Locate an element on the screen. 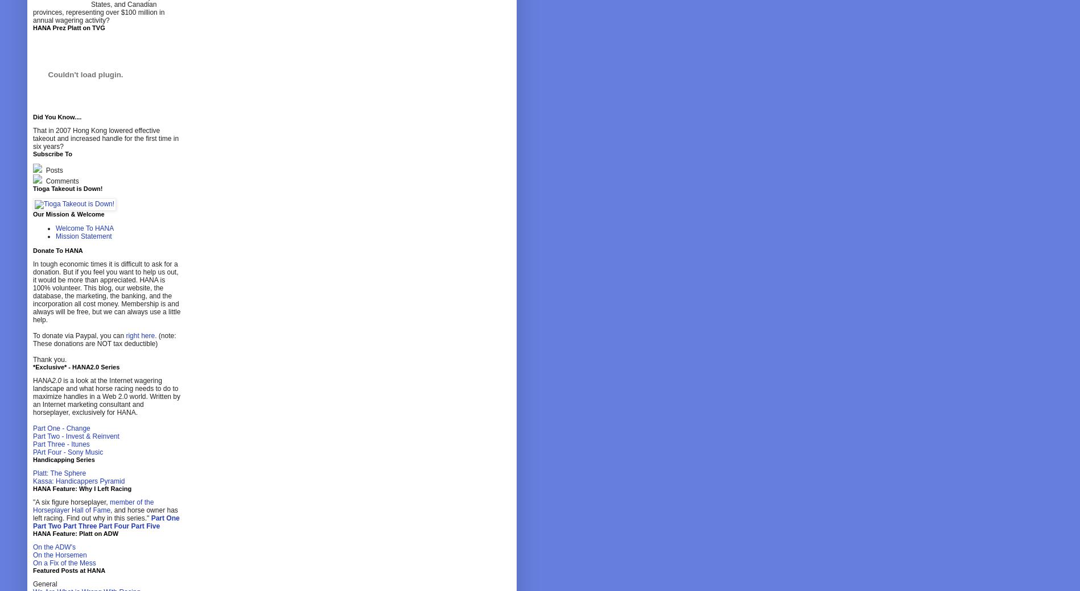 The image size is (1080, 591). 'HANA Prez Platt on TVG' is located at coordinates (69, 27).